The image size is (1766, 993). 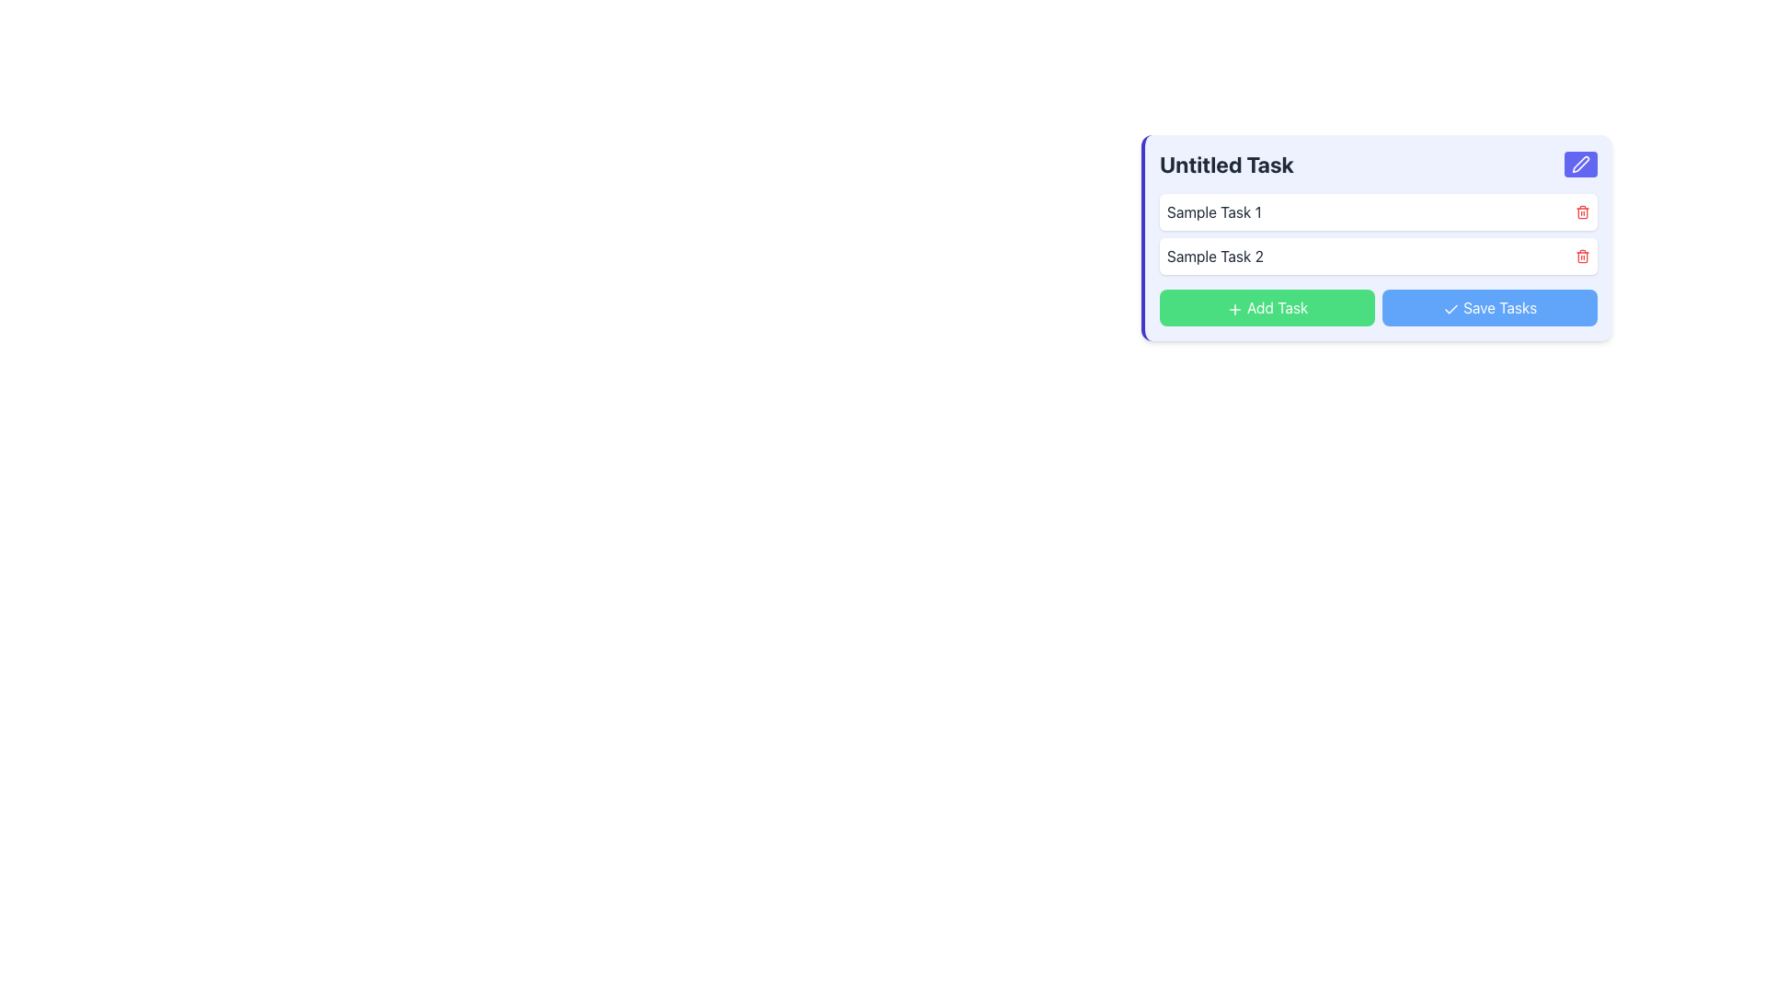 What do you see at coordinates (1234, 308) in the screenshot?
I see `the '+' icon located centrally within the green 'Add Task' button at the bottom left of the interface panel` at bounding box center [1234, 308].